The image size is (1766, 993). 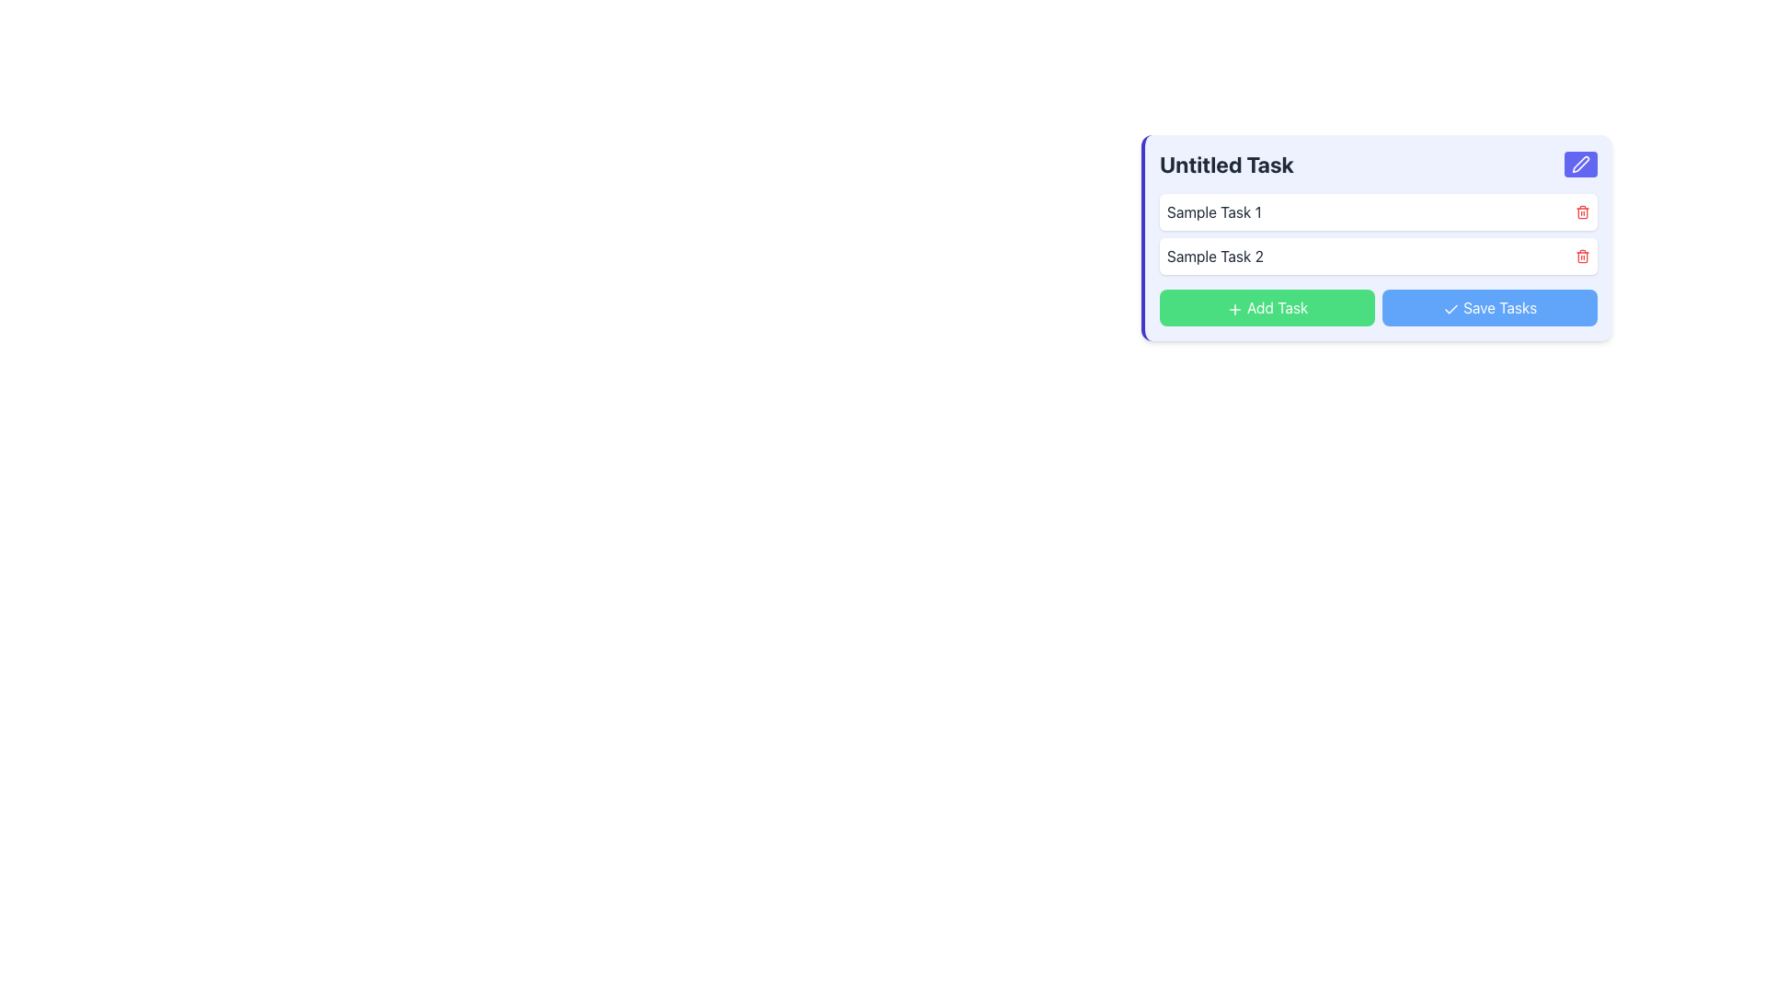 What do you see at coordinates (1234, 308) in the screenshot?
I see `the '+' icon located centrally within the green 'Add Task' button at the bottom left of the interface panel` at bounding box center [1234, 308].